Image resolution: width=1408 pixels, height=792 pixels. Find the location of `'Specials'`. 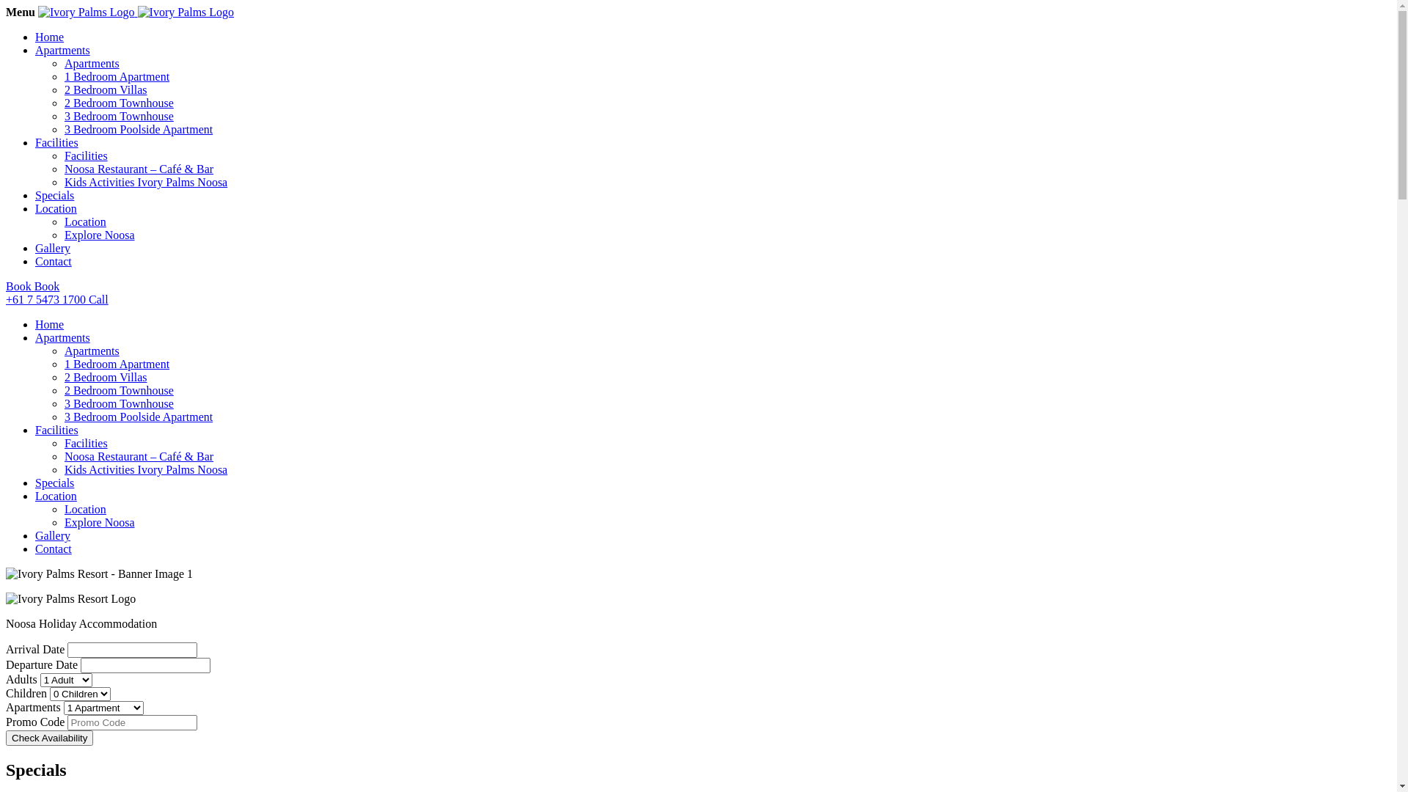

'Specials' is located at coordinates (54, 483).